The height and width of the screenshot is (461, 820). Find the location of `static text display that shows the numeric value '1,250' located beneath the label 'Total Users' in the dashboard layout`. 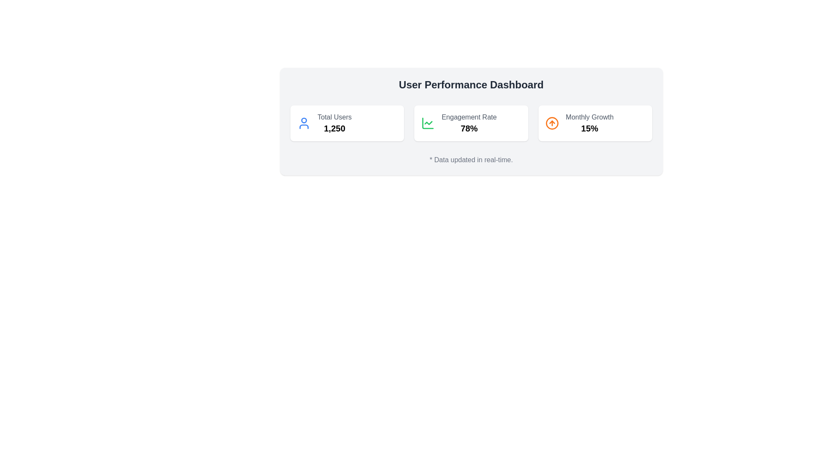

static text display that shows the numeric value '1,250' located beneath the label 'Total Users' in the dashboard layout is located at coordinates (334, 128).